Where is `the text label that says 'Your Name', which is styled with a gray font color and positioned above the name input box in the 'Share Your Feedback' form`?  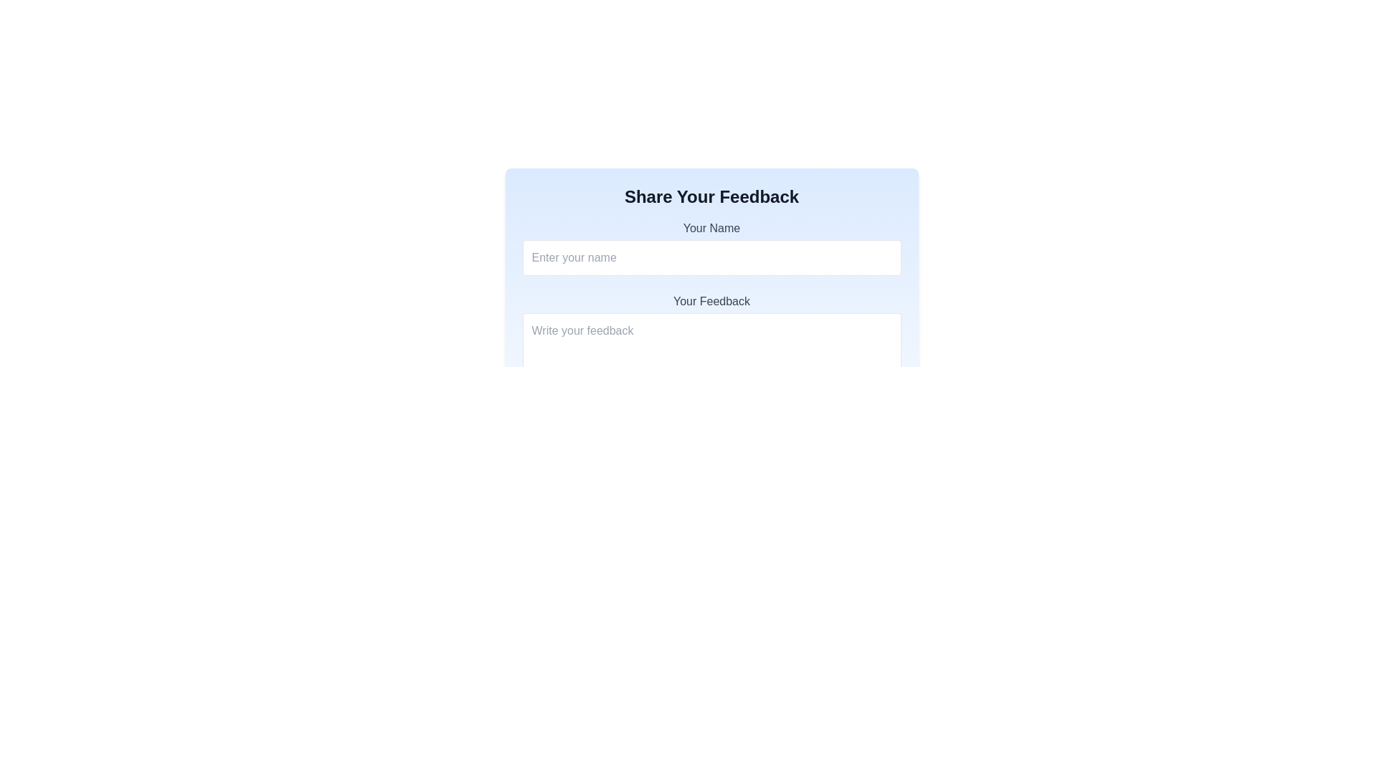
the text label that says 'Your Name', which is styled with a gray font color and positioned above the name input box in the 'Share Your Feedback' form is located at coordinates (711, 228).